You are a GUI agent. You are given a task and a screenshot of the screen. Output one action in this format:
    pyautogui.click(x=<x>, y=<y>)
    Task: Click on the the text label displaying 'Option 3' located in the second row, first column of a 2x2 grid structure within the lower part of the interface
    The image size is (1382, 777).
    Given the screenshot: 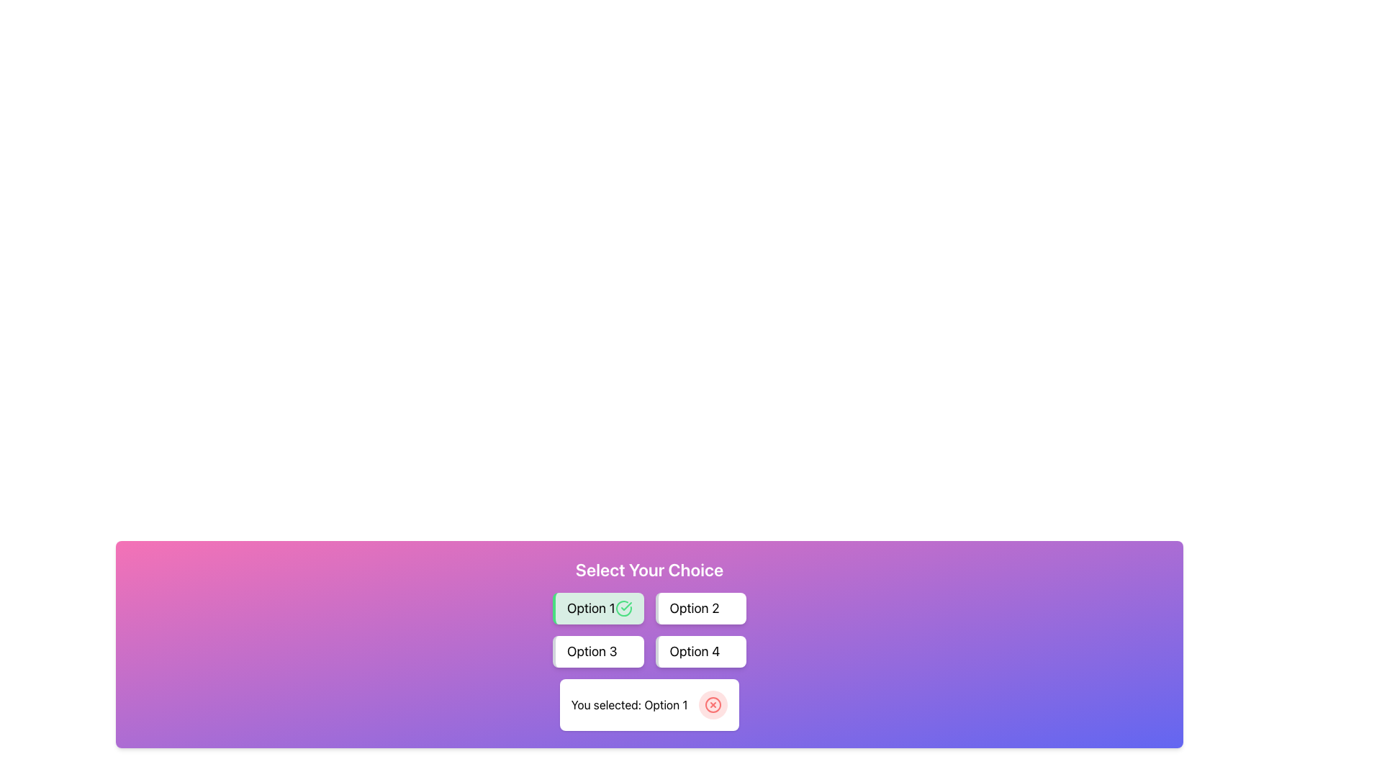 What is the action you would take?
    pyautogui.click(x=592, y=652)
    